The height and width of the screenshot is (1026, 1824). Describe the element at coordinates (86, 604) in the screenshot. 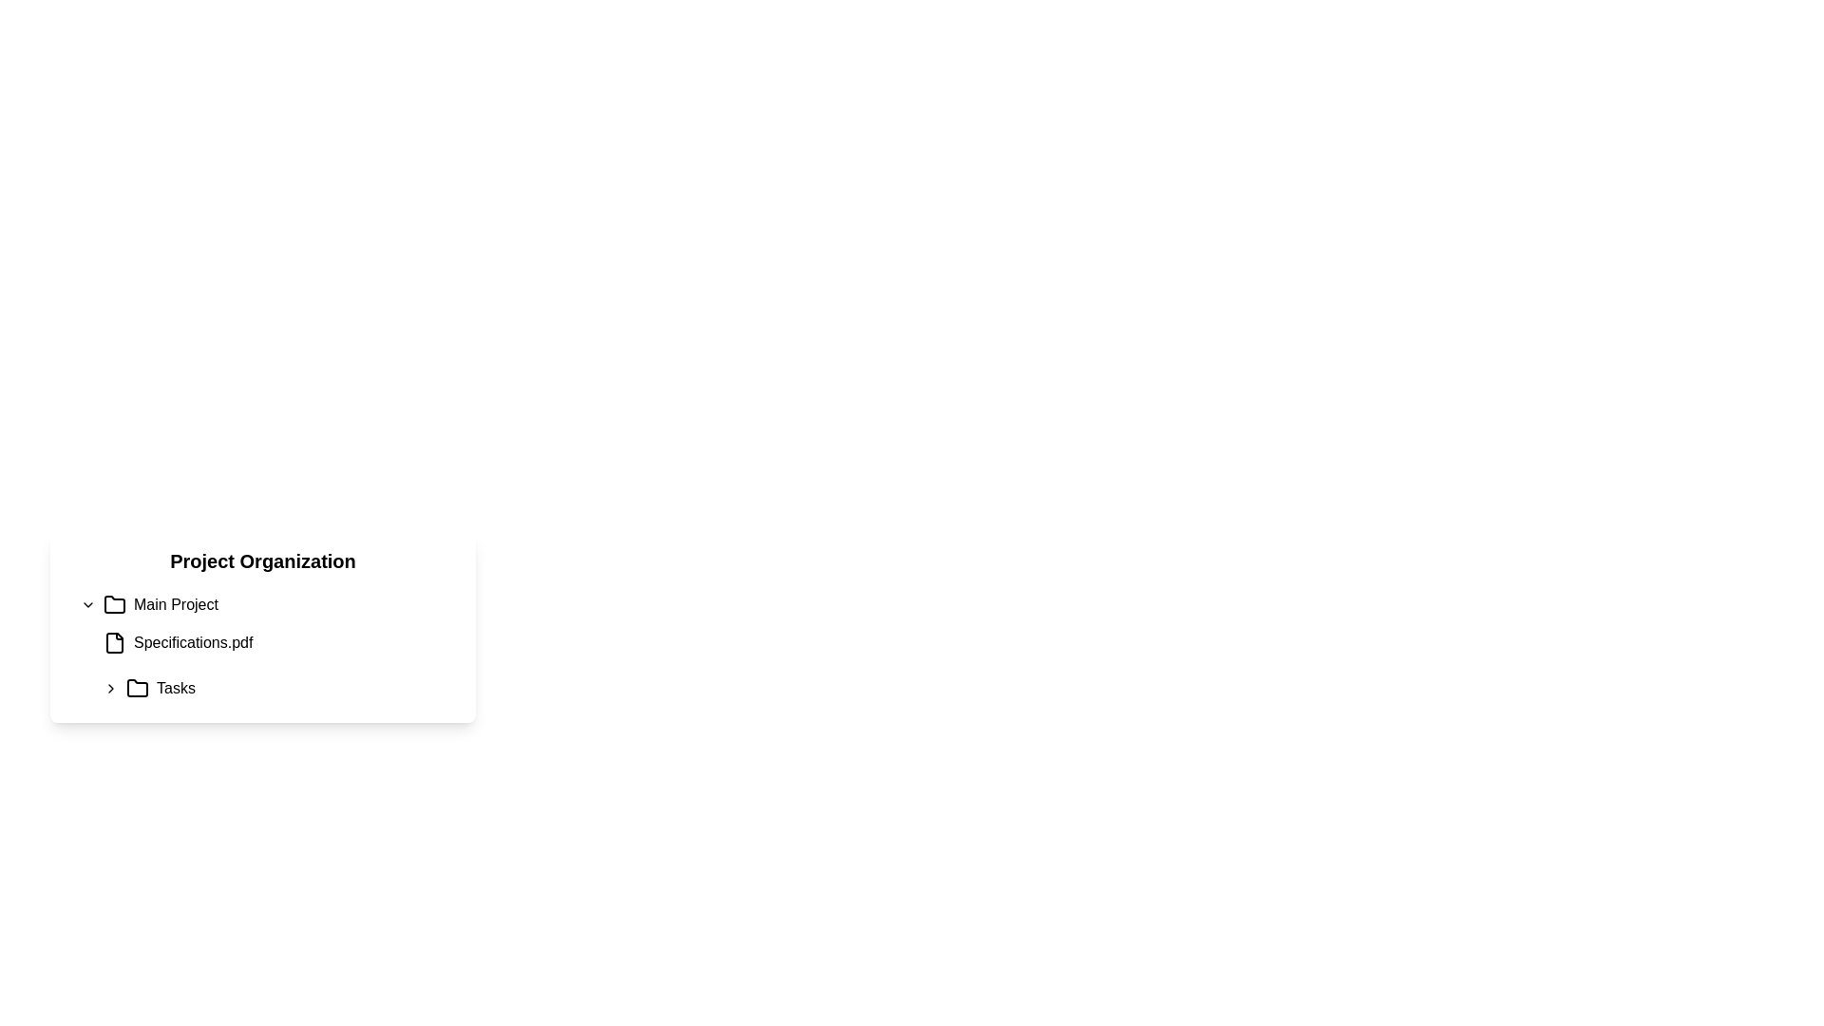

I see `the downward-facing chevron icon located to the left of the 'Main Project' text label` at that location.